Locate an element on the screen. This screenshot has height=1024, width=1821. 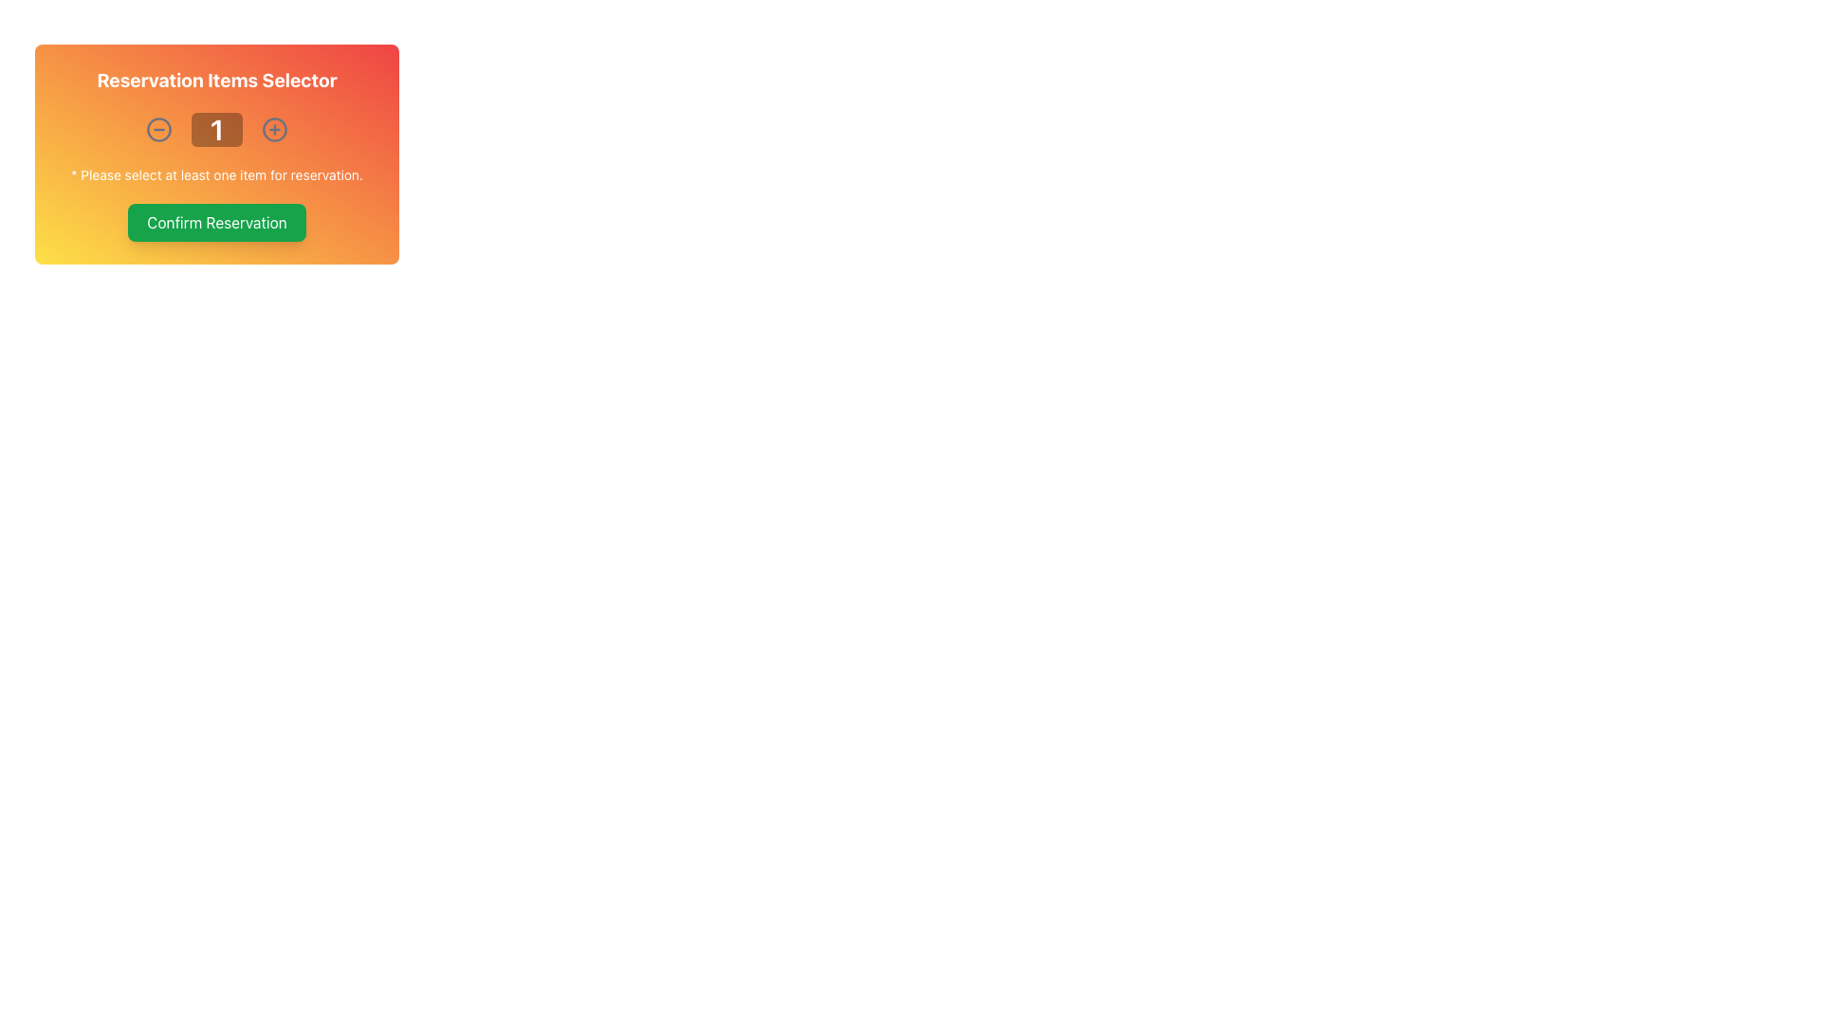
the circular minus button, which is located to the left of the number display showing '1', to decrease the quantity is located at coordinates (158, 129).